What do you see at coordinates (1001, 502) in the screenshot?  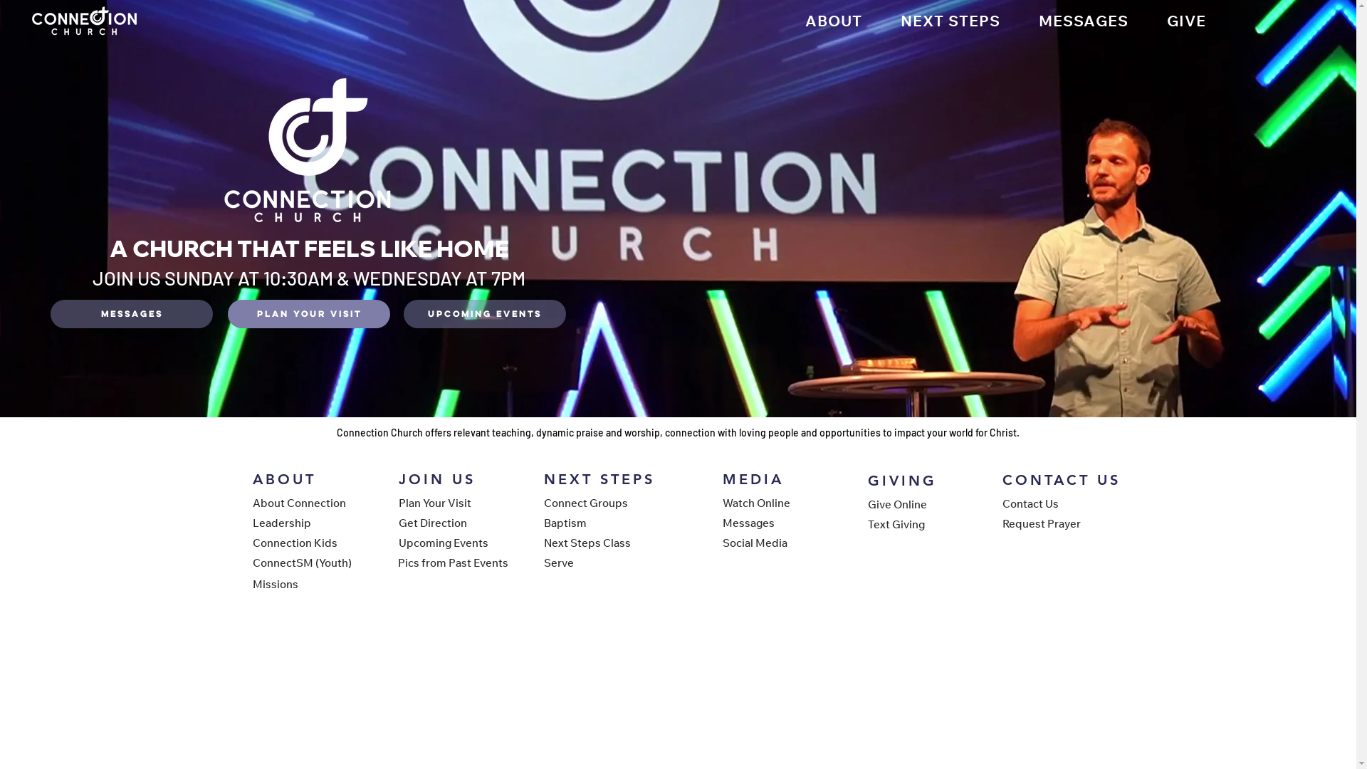 I see `'Contact Us'` at bounding box center [1001, 502].